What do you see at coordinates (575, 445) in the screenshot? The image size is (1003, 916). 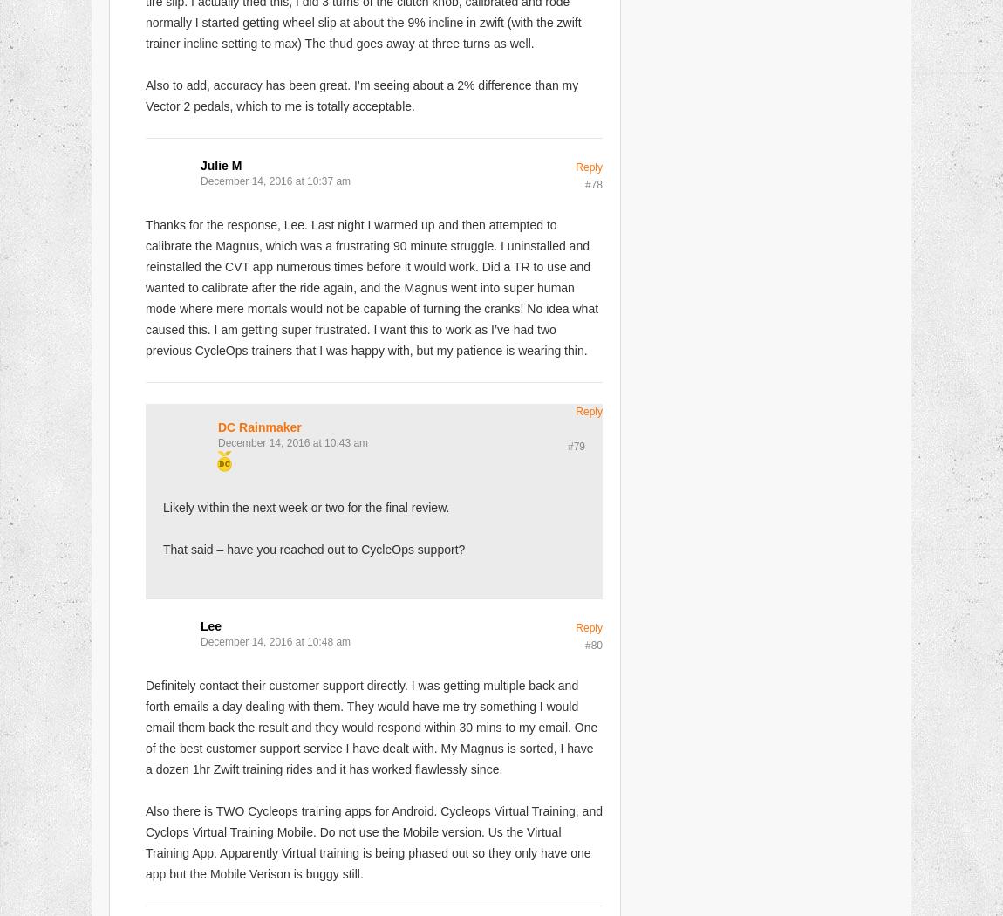 I see `'#79'` at bounding box center [575, 445].